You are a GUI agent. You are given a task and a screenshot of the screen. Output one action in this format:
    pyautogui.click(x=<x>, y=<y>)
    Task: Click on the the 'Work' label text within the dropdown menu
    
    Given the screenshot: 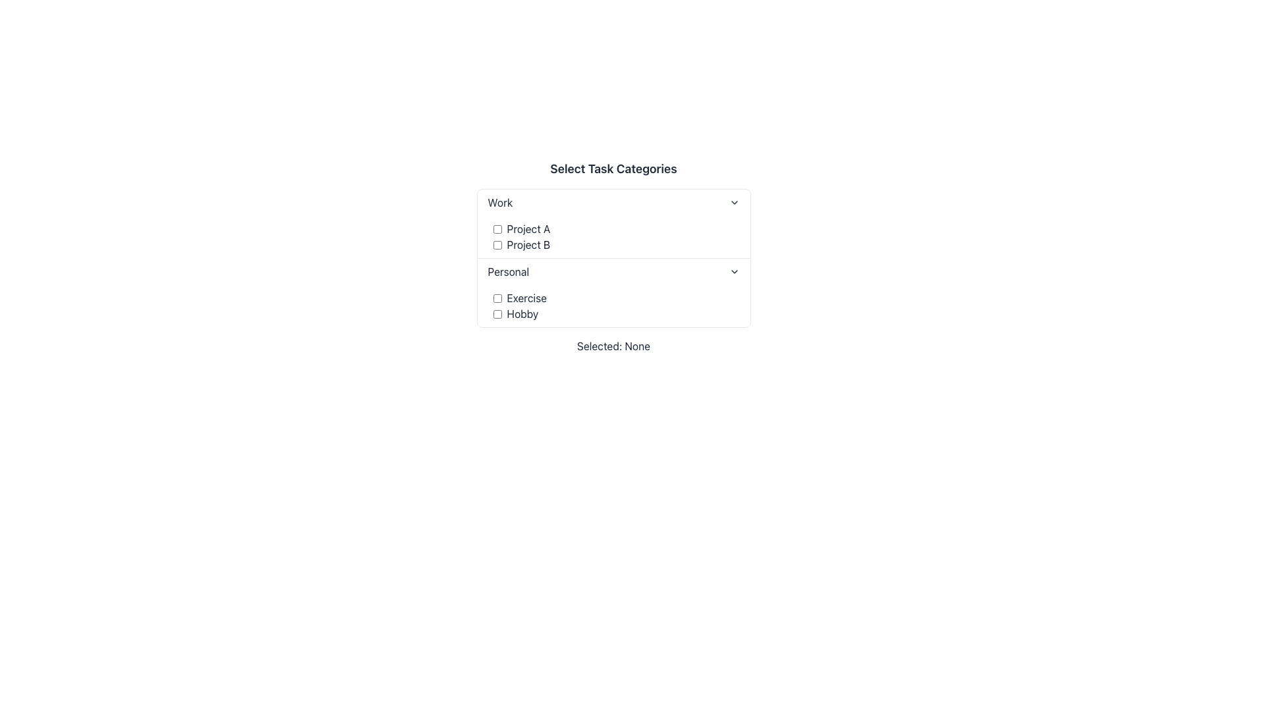 What is the action you would take?
    pyautogui.click(x=499, y=203)
    